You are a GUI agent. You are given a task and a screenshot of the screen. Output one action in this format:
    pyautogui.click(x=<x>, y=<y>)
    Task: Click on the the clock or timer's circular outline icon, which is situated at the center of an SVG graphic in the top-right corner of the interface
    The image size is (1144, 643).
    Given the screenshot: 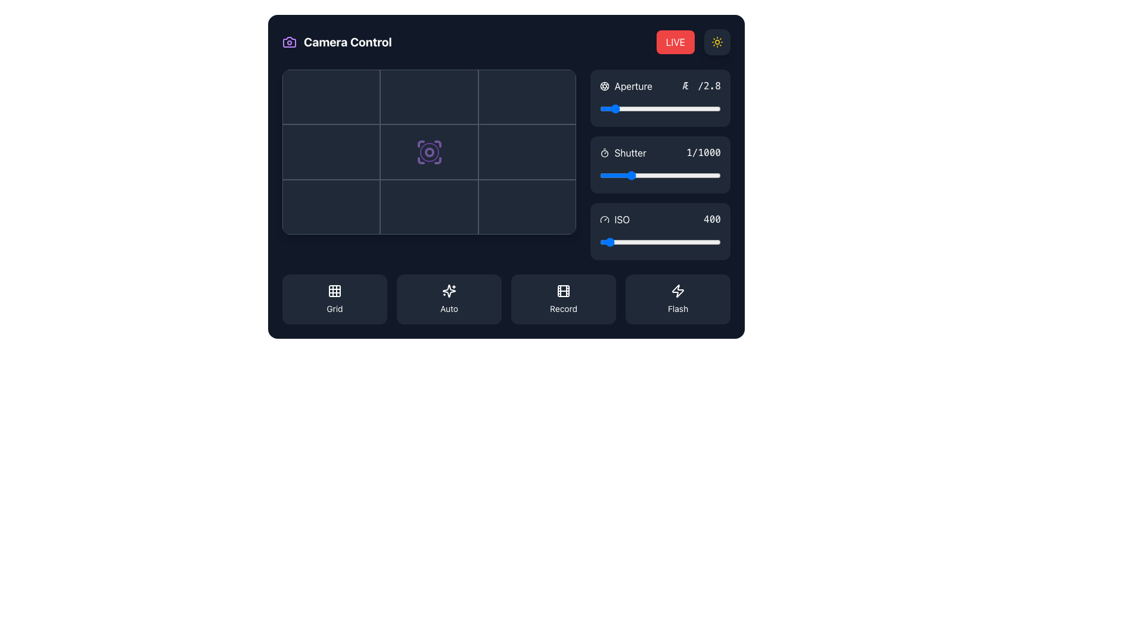 What is the action you would take?
    pyautogui.click(x=605, y=153)
    